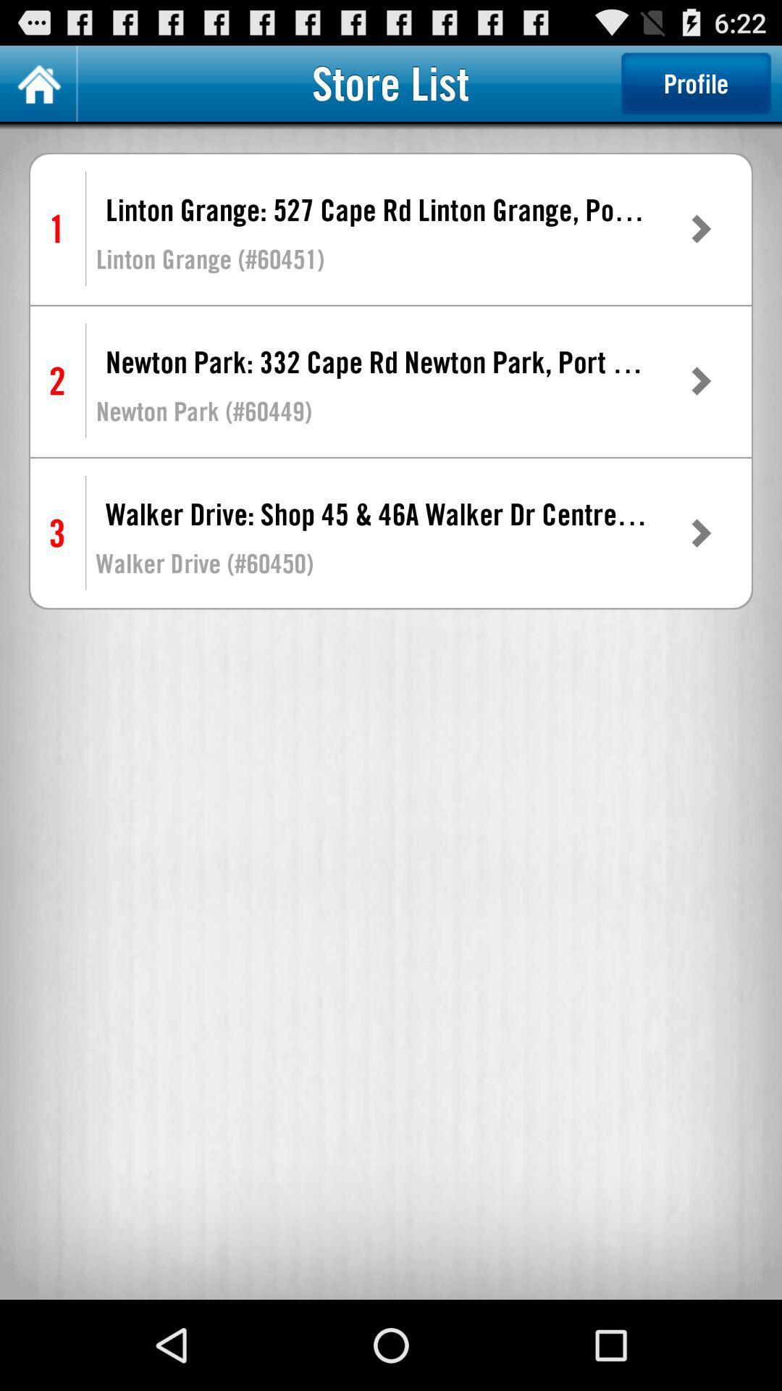  What do you see at coordinates (56, 532) in the screenshot?
I see `3` at bounding box center [56, 532].